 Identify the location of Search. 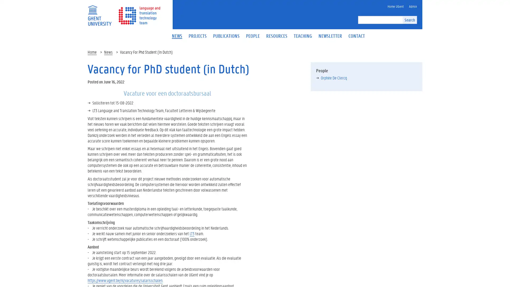
(409, 19).